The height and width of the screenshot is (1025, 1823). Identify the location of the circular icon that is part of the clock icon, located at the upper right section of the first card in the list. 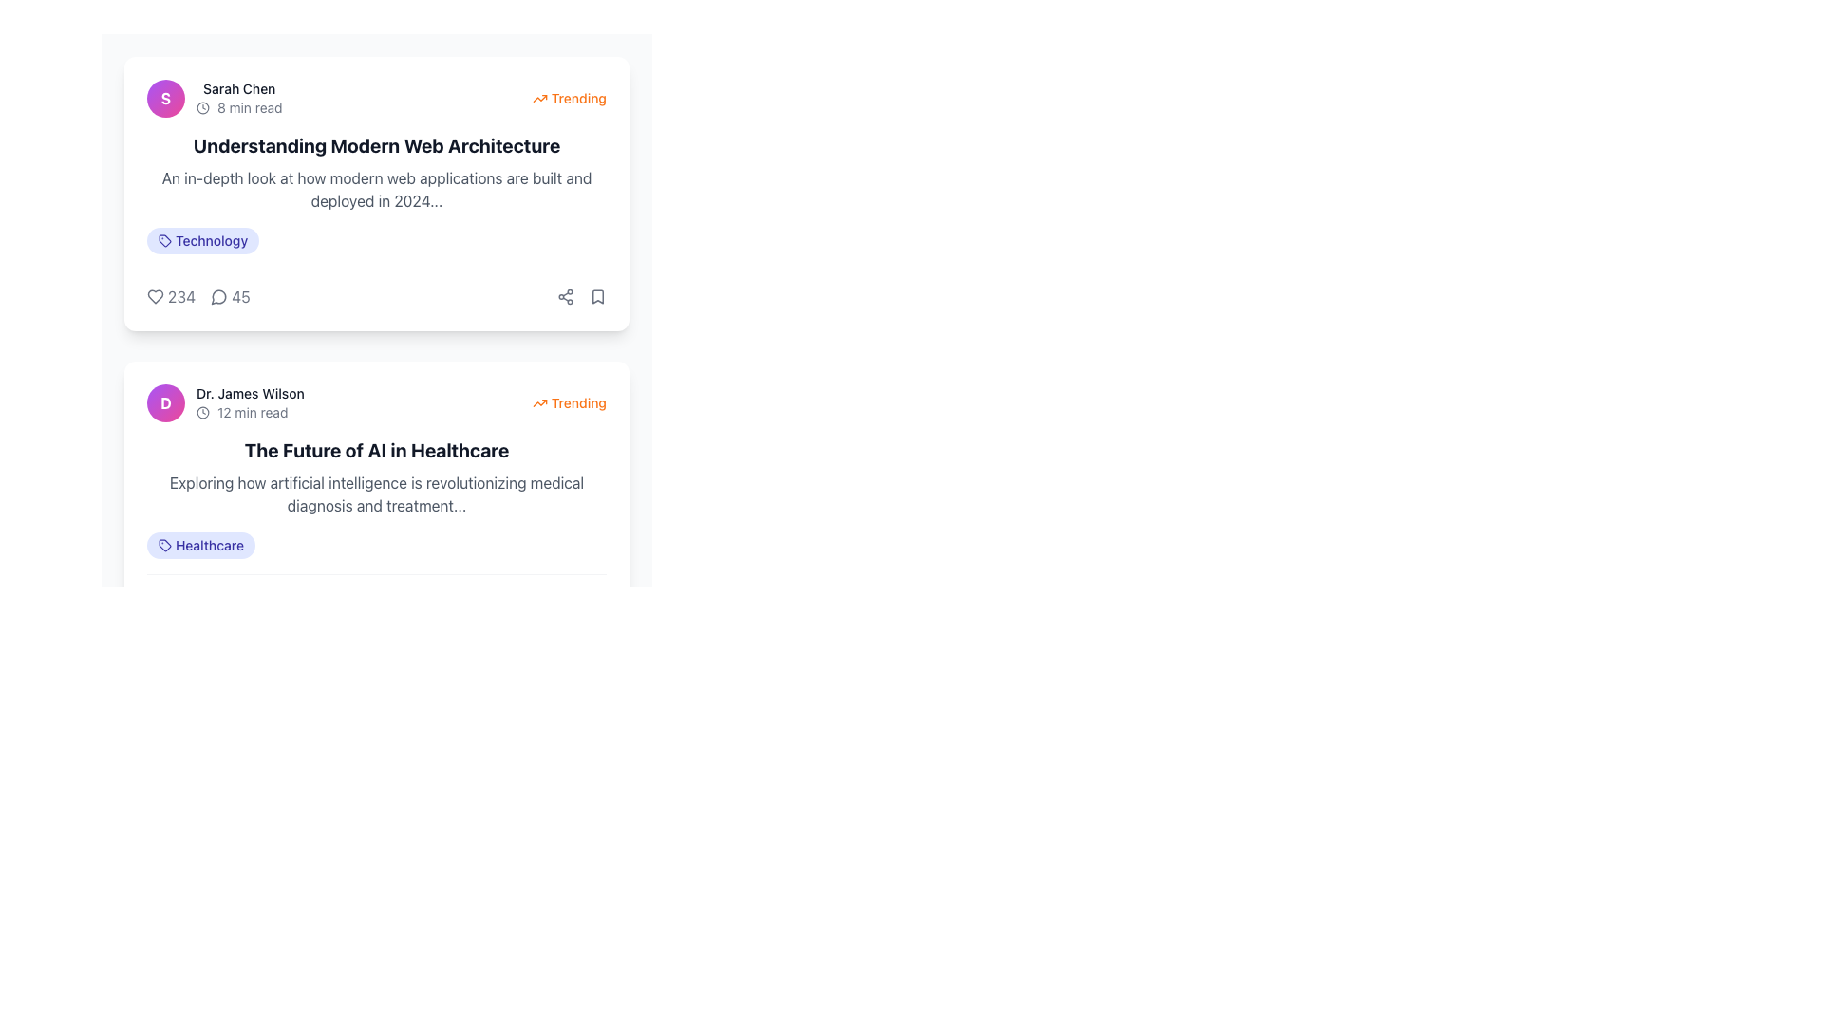
(203, 108).